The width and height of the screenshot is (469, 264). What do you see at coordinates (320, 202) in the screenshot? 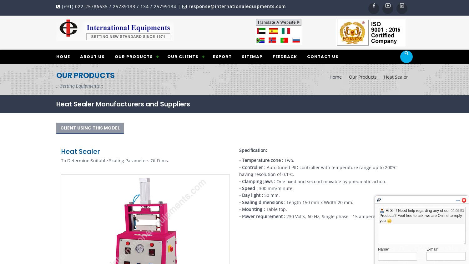
I see `'Length 150 mm x Width 20 mm.'` at bounding box center [320, 202].